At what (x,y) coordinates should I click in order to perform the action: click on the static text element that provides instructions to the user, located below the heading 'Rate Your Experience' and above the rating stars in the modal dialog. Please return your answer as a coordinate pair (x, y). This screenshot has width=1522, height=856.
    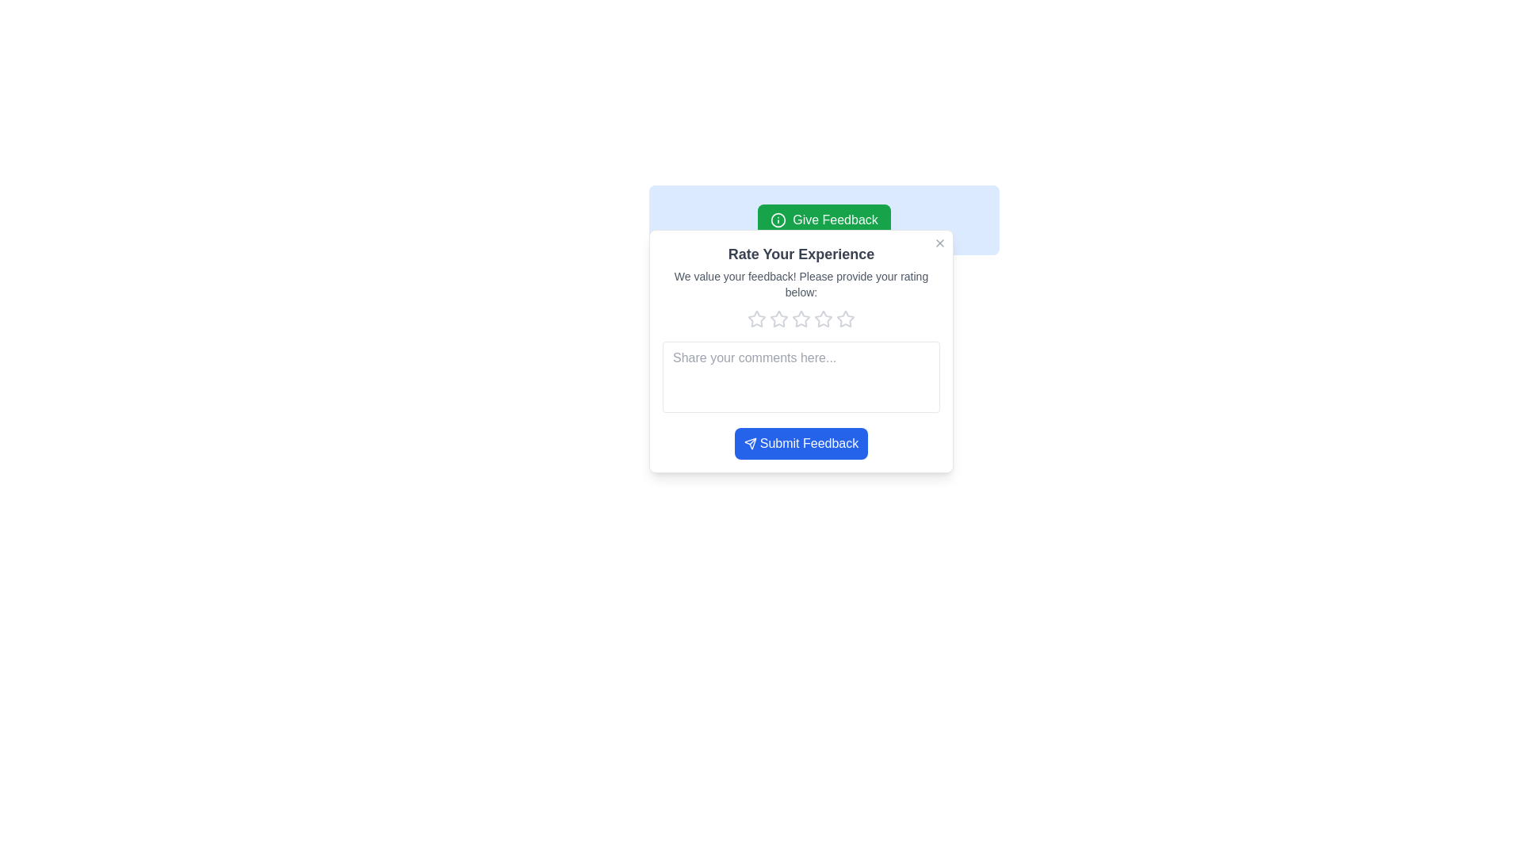
    Looking at the image, I should click on (801, 283).